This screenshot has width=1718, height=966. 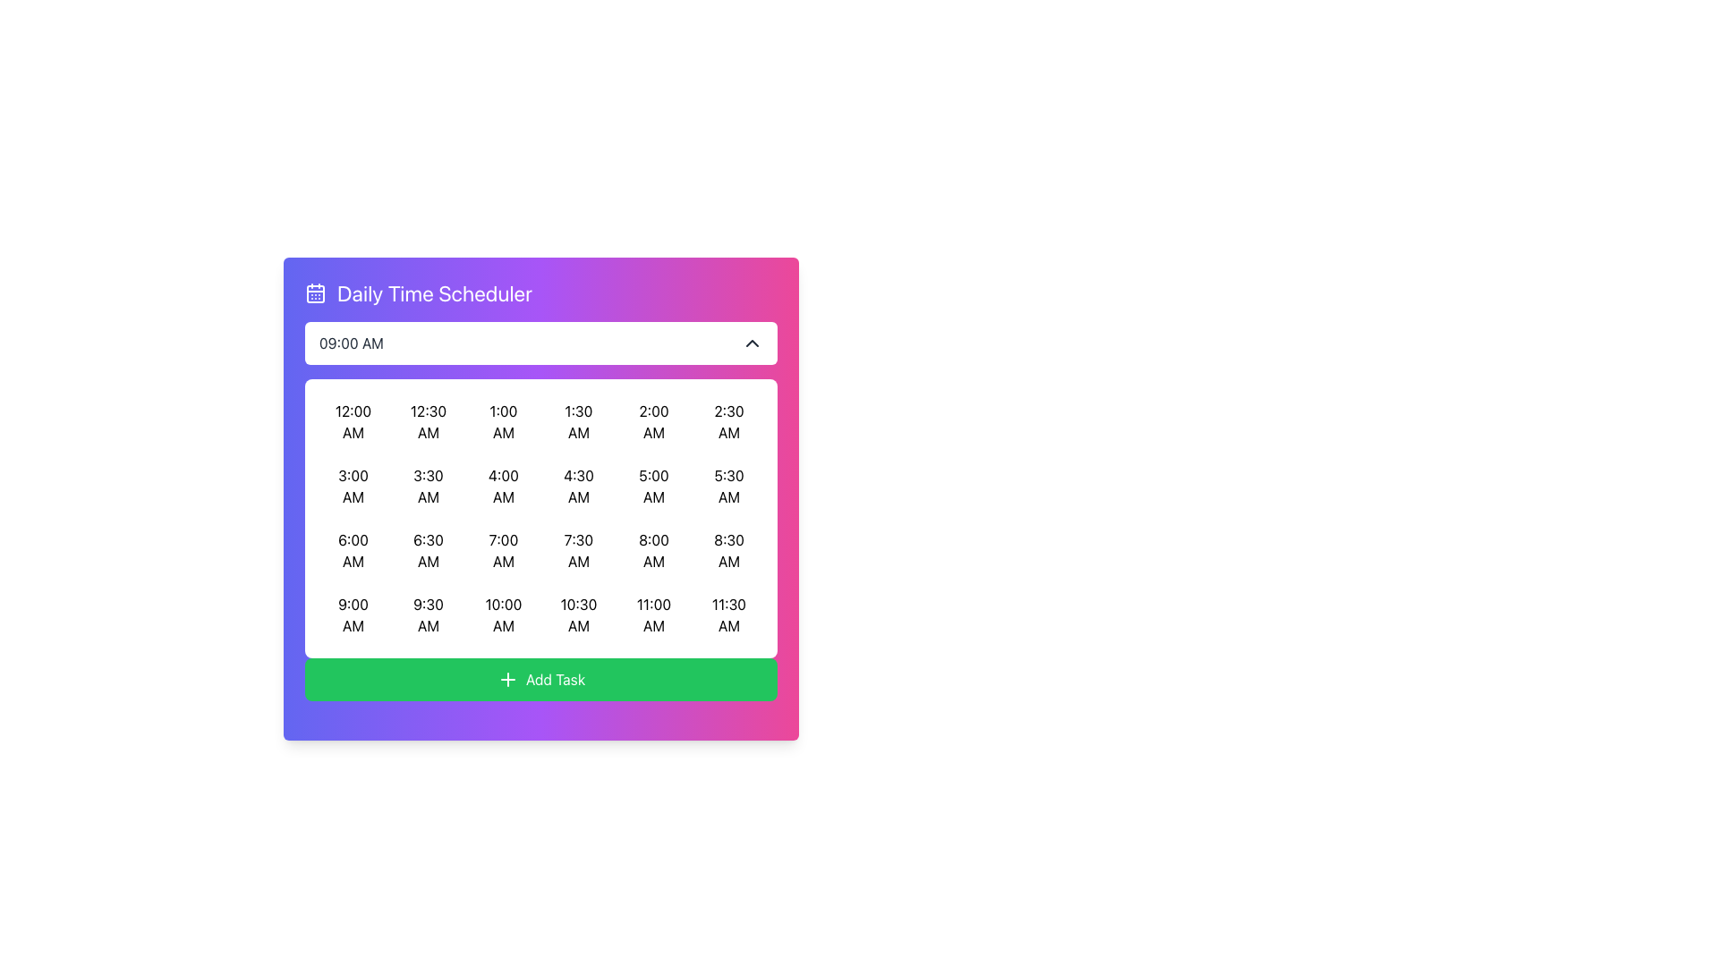 I want to click on the selectable time slot button located in the fourth row and third column of the scheduling interface, so click(x=502, y=614).